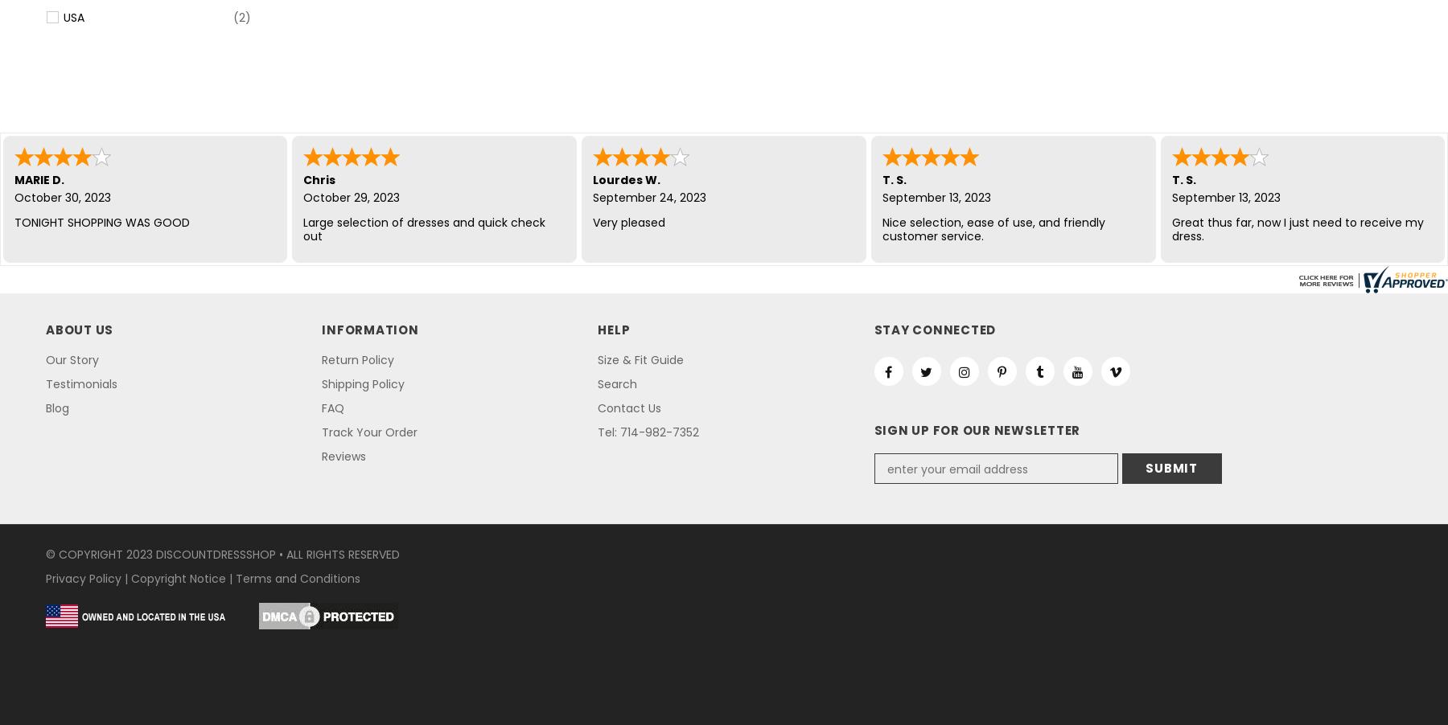 The image size is (1448, 725). I want to click on 'Janice W.', so click(1200, 178).